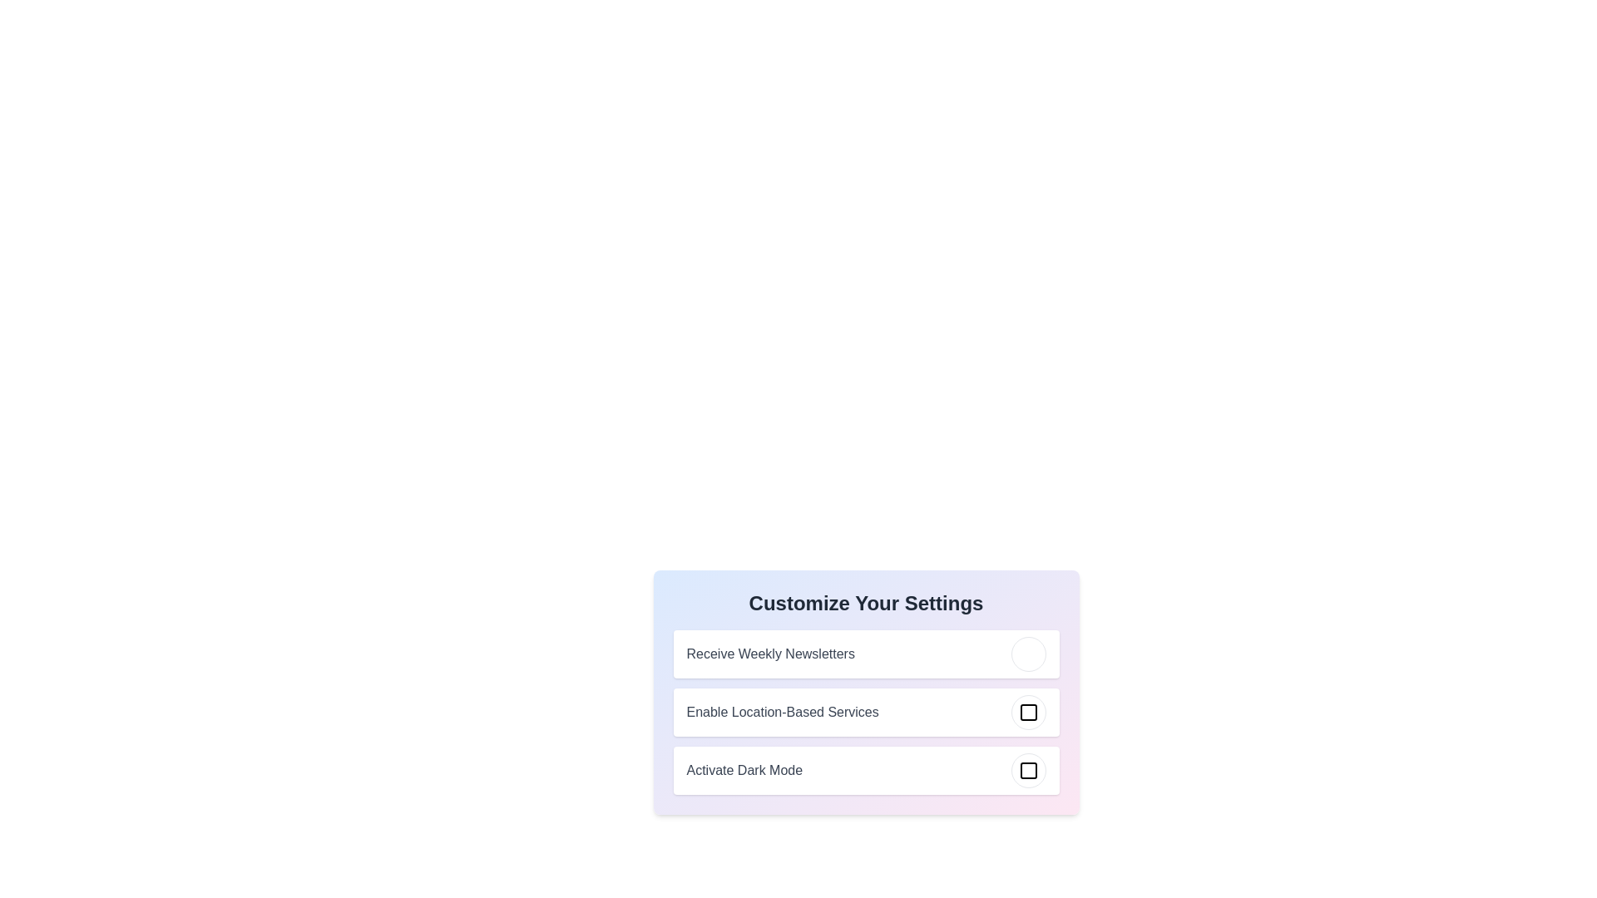  I want to click on the small interactive button with a square symbol in its center, located to the right of 'Enable Location-Based Services' in the 'Customize Your Settings' section, so click(1027, 711).